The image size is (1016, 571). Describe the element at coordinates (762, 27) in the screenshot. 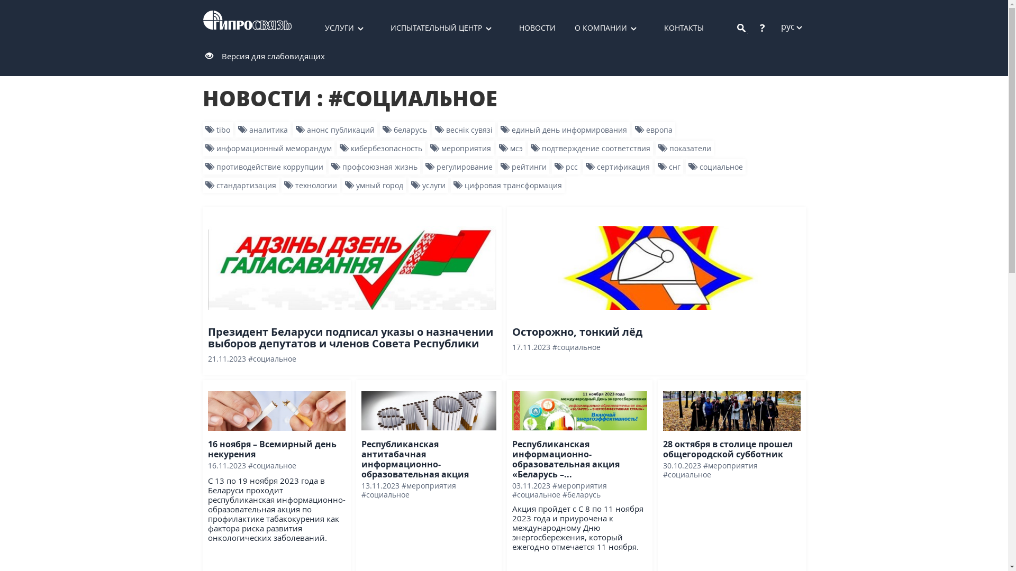

I see `'?'` at that location.